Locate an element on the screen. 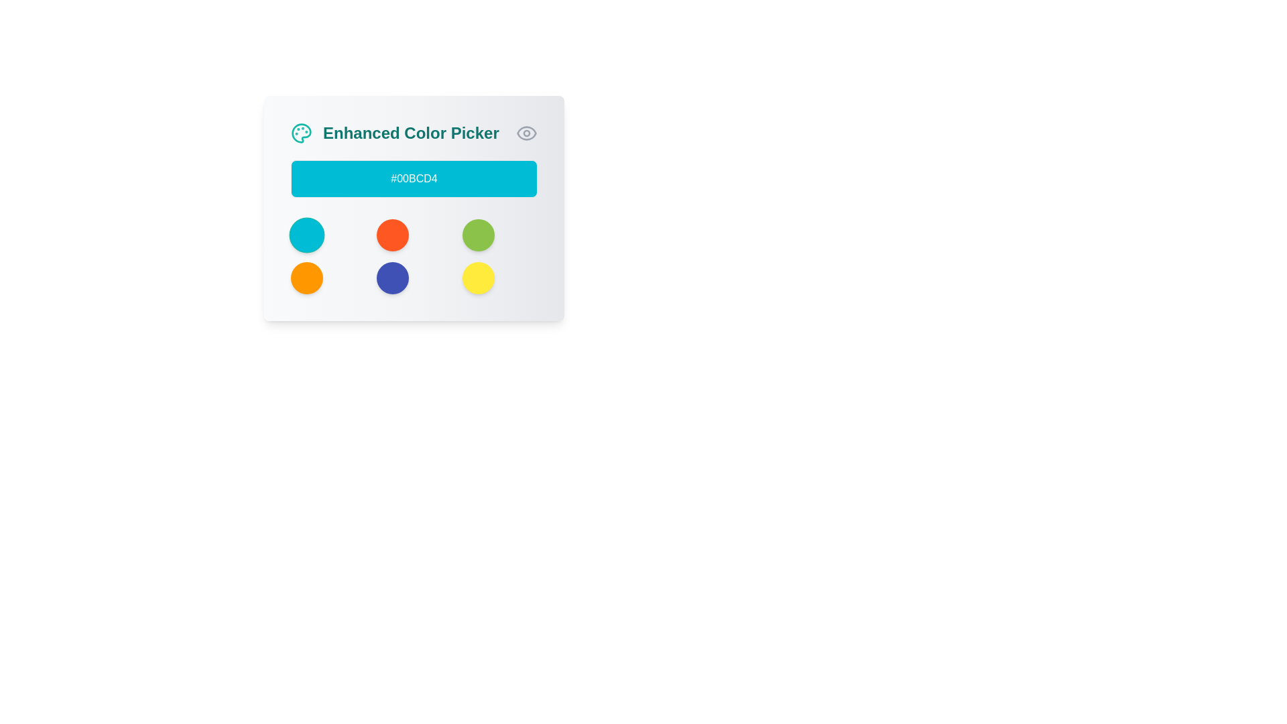 The height and width of the screenshot is (724, 1287). the static informational display box that shows the selected color's hexadecimal code, located beneath the 'Enhanced Color Picker' title is located at coordinates (414, 178).